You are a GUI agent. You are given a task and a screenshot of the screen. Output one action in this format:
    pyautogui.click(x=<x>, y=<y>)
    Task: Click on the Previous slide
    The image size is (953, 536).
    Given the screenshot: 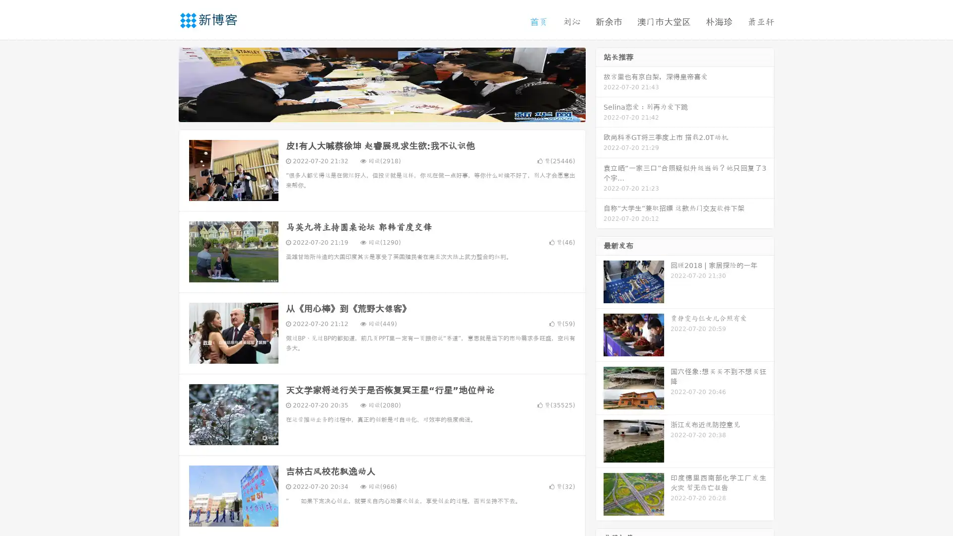 What is the action you would take?
    pyautogui.click(x=164, y=83)
    